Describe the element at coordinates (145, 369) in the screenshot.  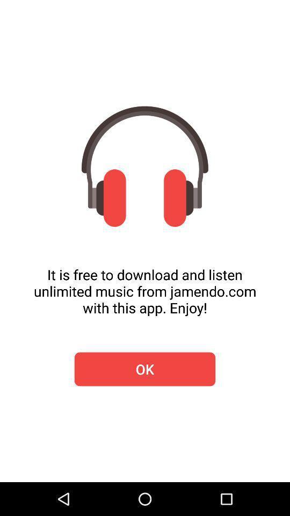
I see `ok icon` at that location.